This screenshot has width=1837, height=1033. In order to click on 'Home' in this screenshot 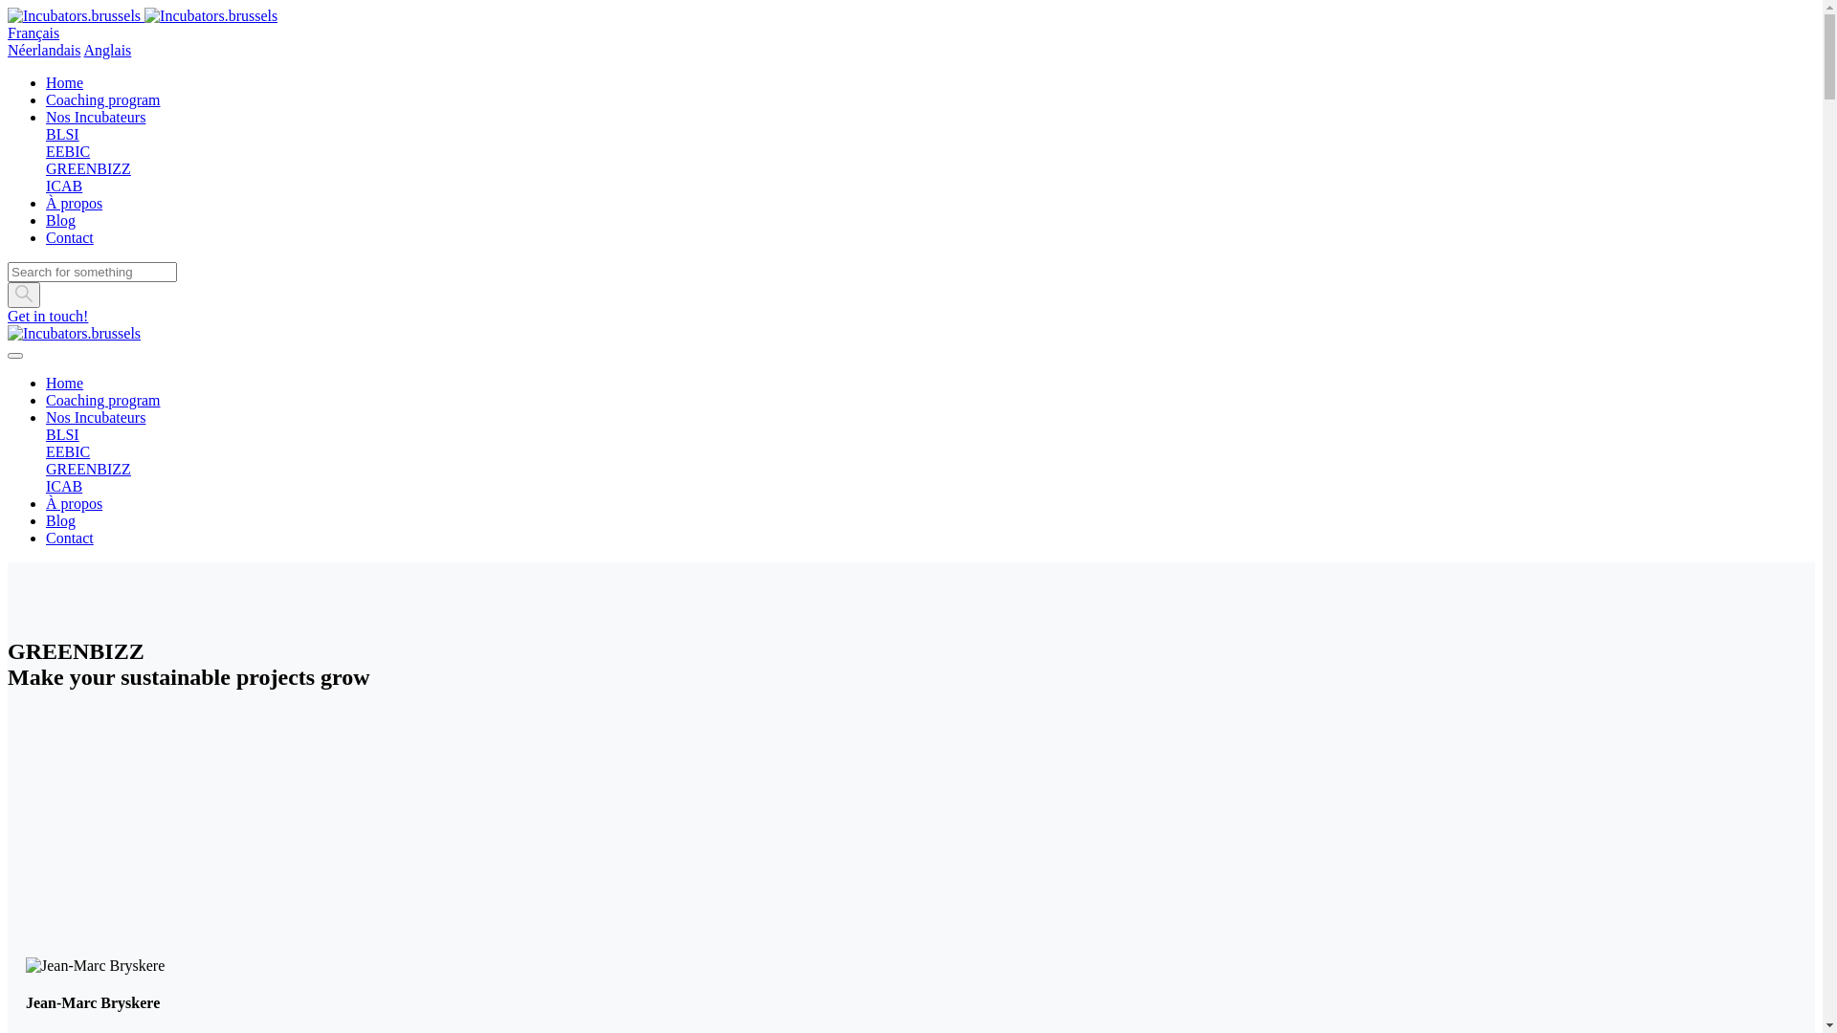, I will do `click(64, 81)`.